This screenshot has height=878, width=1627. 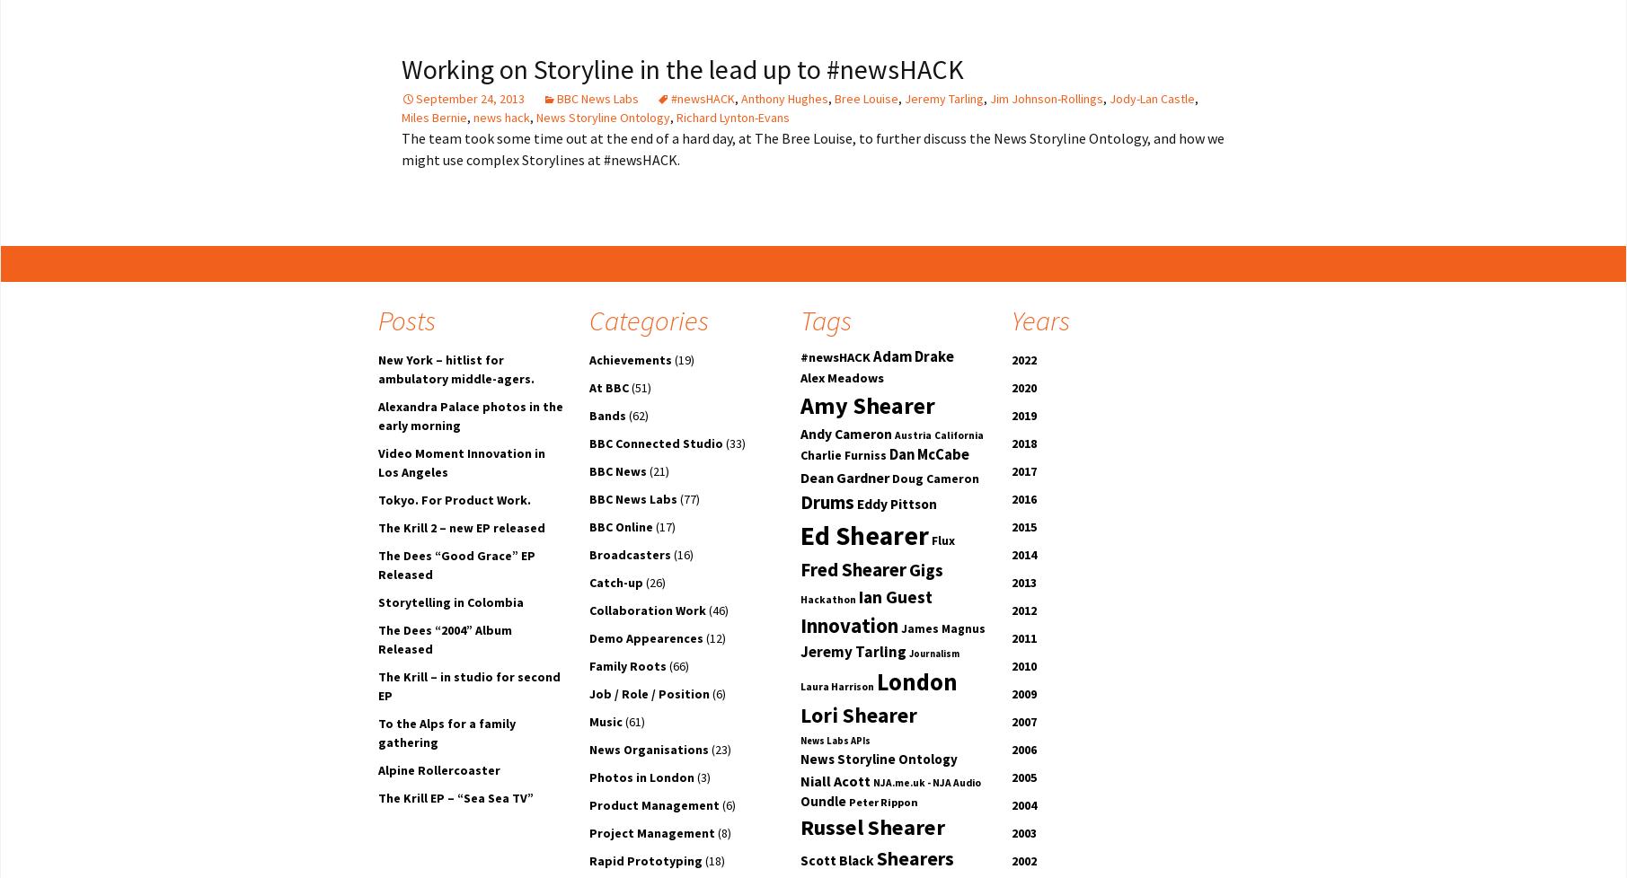 I want to click on 'News Storyline Ontology', so click(x=535, y=116).